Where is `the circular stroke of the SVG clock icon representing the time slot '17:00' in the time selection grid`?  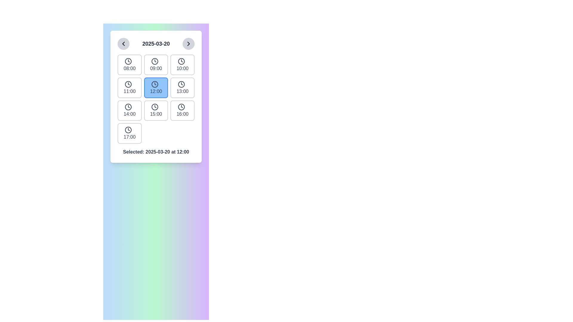
the circular stroke of the SVG clock icon representing the time slot '17:00' in the time selection grid is located at coordinates (128, 130).